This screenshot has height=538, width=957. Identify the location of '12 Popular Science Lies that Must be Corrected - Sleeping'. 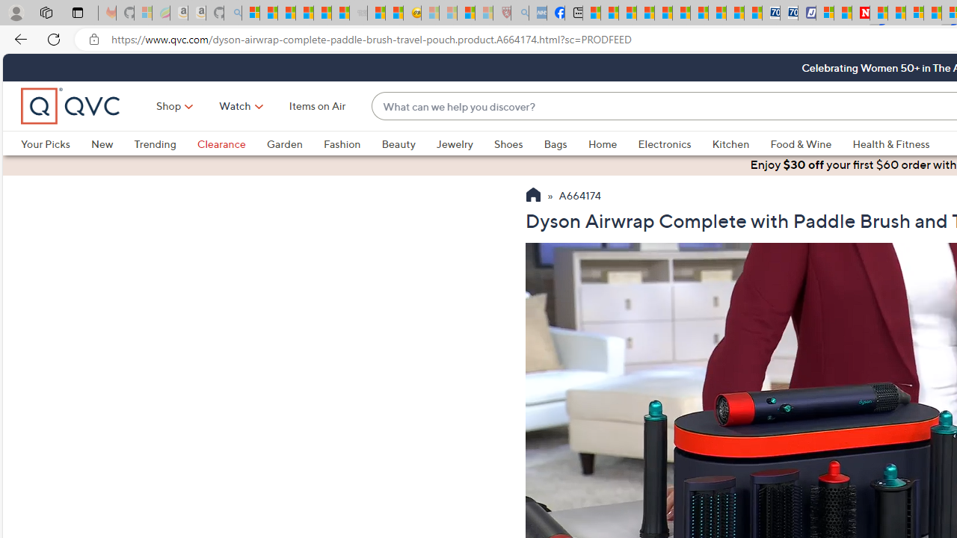
(484, 13).